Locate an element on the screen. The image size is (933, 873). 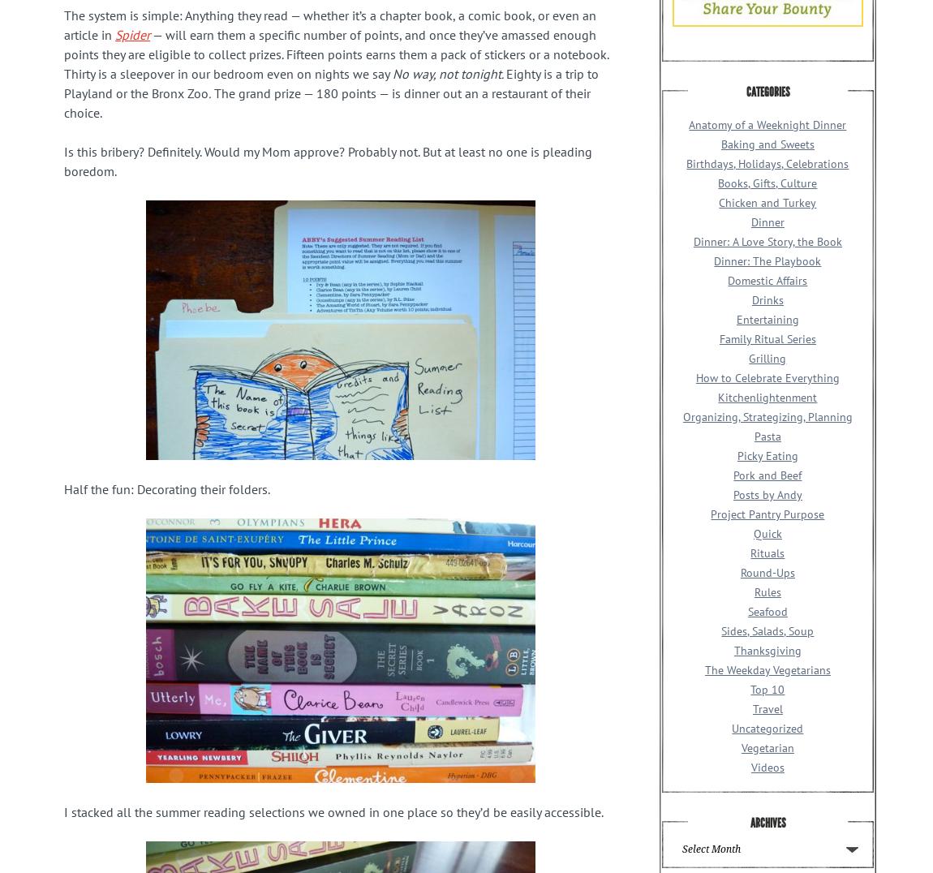
'Travel' is located at coordinates (767, 709).